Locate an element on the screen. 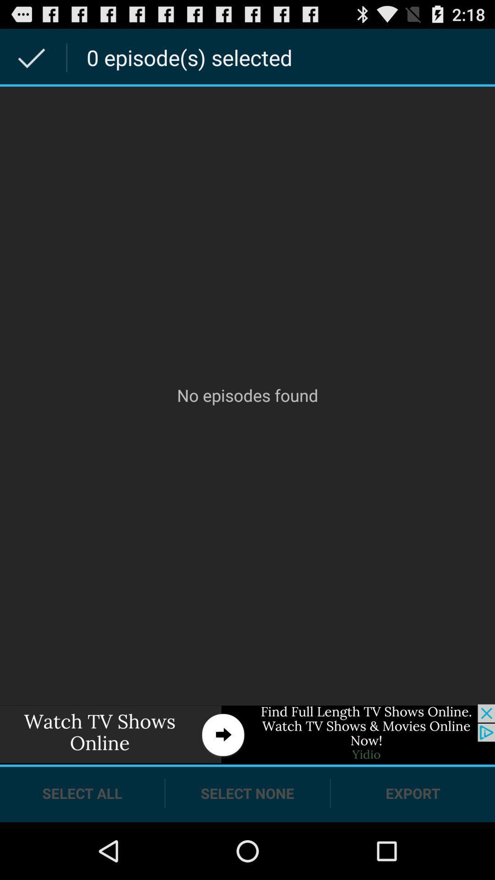  play option is located at coordinates (247, 734).